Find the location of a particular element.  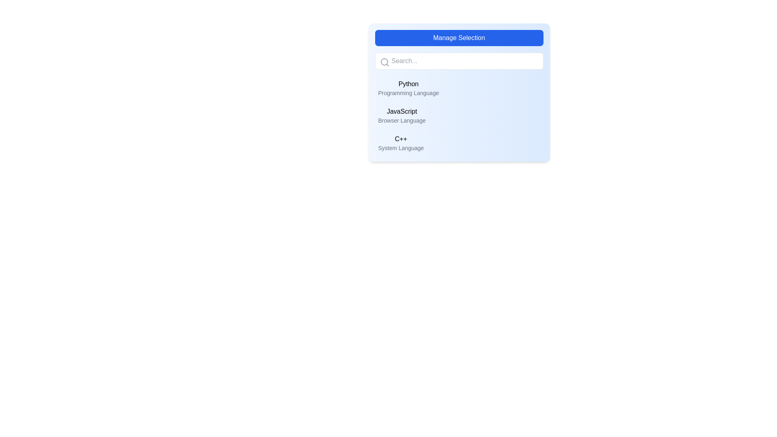

the descriptive Text label located below the 'JavaScript' header in the middle section of the interface panel is located at coordinates (402, 120).